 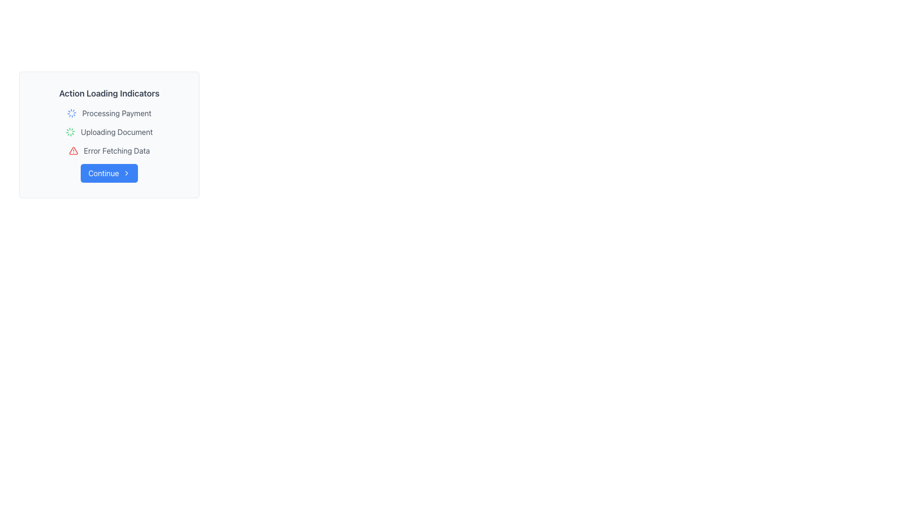 I want to click on the error icon indicating 'Error Fetching Data', located to the left of the corresponding text in the interface, so click(x=73, y=150).